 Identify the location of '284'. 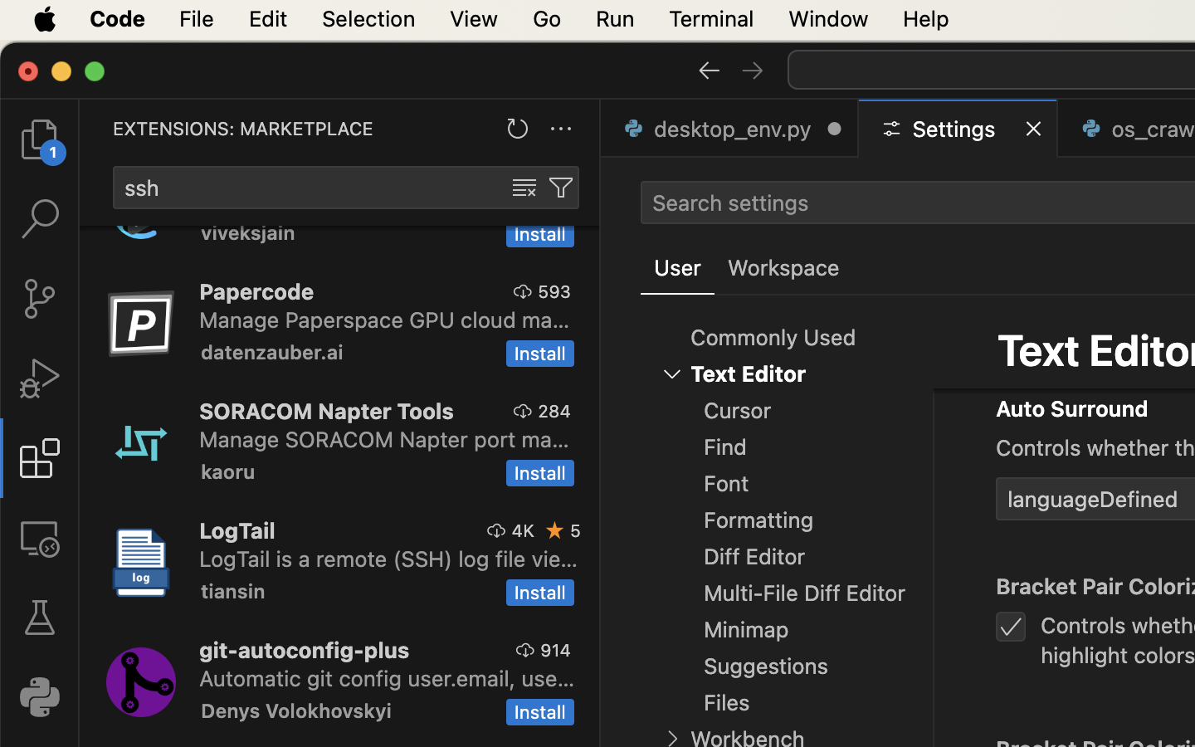
(554, 410).